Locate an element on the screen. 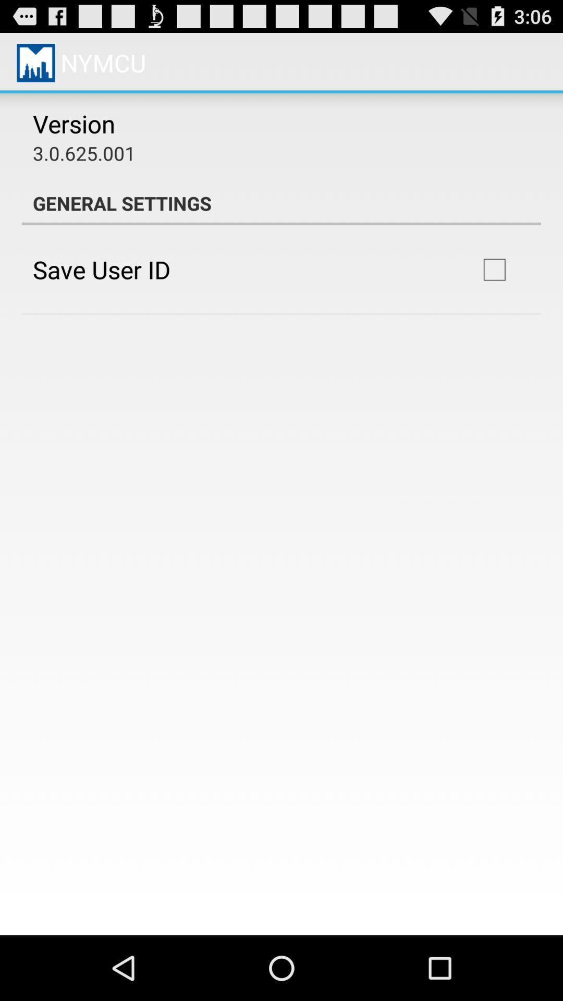 This screenshot has height=1001, width=563. save user id icon is located at coordinates (102, 270).